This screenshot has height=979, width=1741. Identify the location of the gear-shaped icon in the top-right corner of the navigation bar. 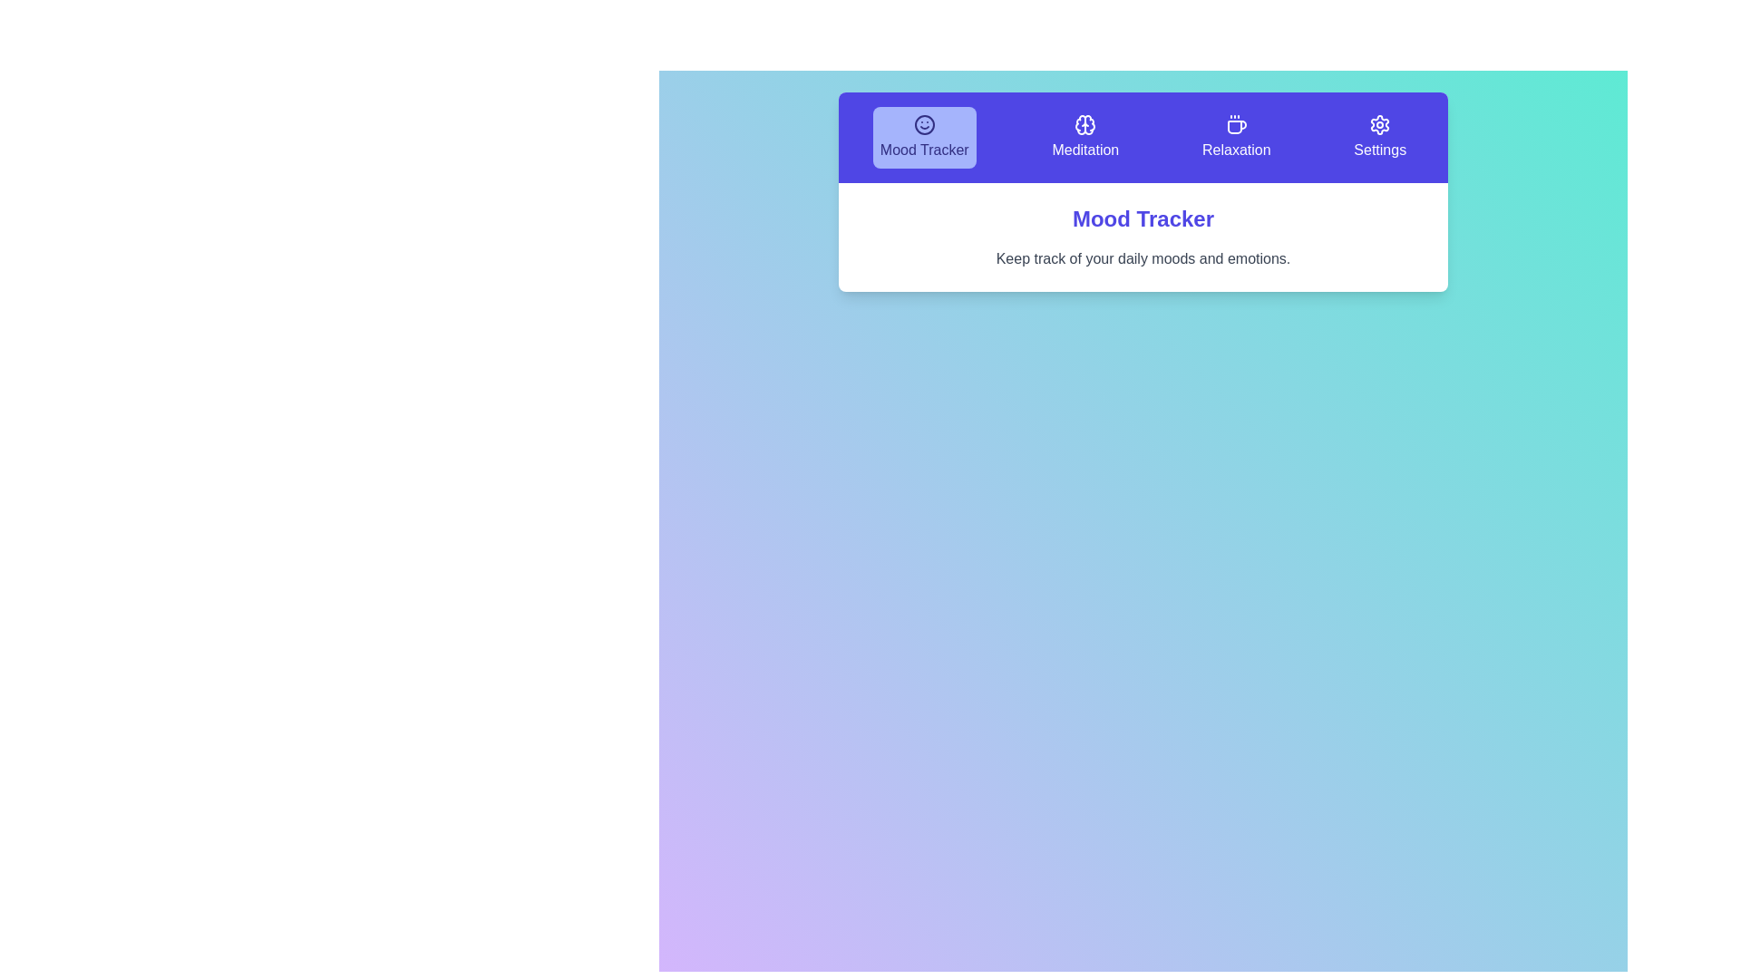
(1379, 124).